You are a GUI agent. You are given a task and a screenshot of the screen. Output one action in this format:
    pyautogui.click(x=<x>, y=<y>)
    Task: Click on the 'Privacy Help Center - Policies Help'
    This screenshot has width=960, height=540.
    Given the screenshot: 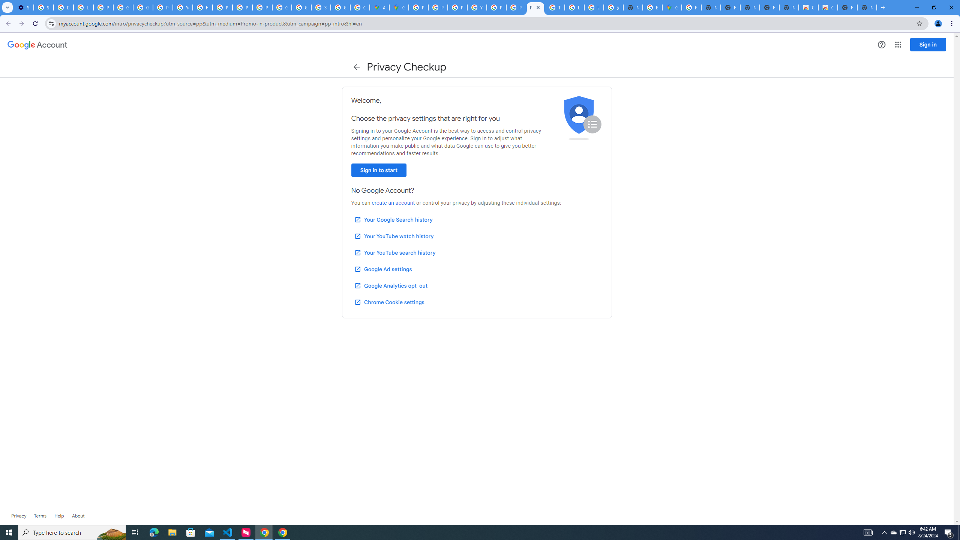 What is the action you would take?
    pyautogui.click(x=438, y=7)
    